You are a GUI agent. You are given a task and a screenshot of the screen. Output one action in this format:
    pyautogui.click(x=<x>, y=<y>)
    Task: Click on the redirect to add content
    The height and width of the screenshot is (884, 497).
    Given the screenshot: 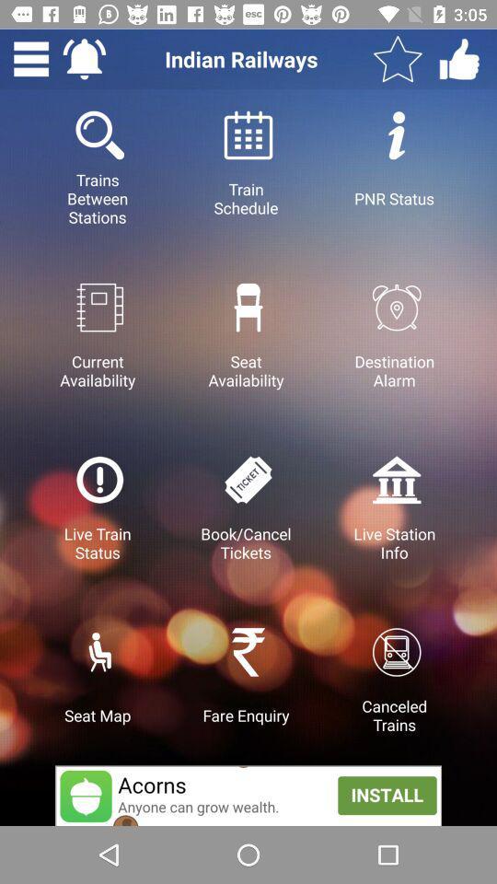 What is the action you would take?
    pyautogui.click(x=248, y=795)
    